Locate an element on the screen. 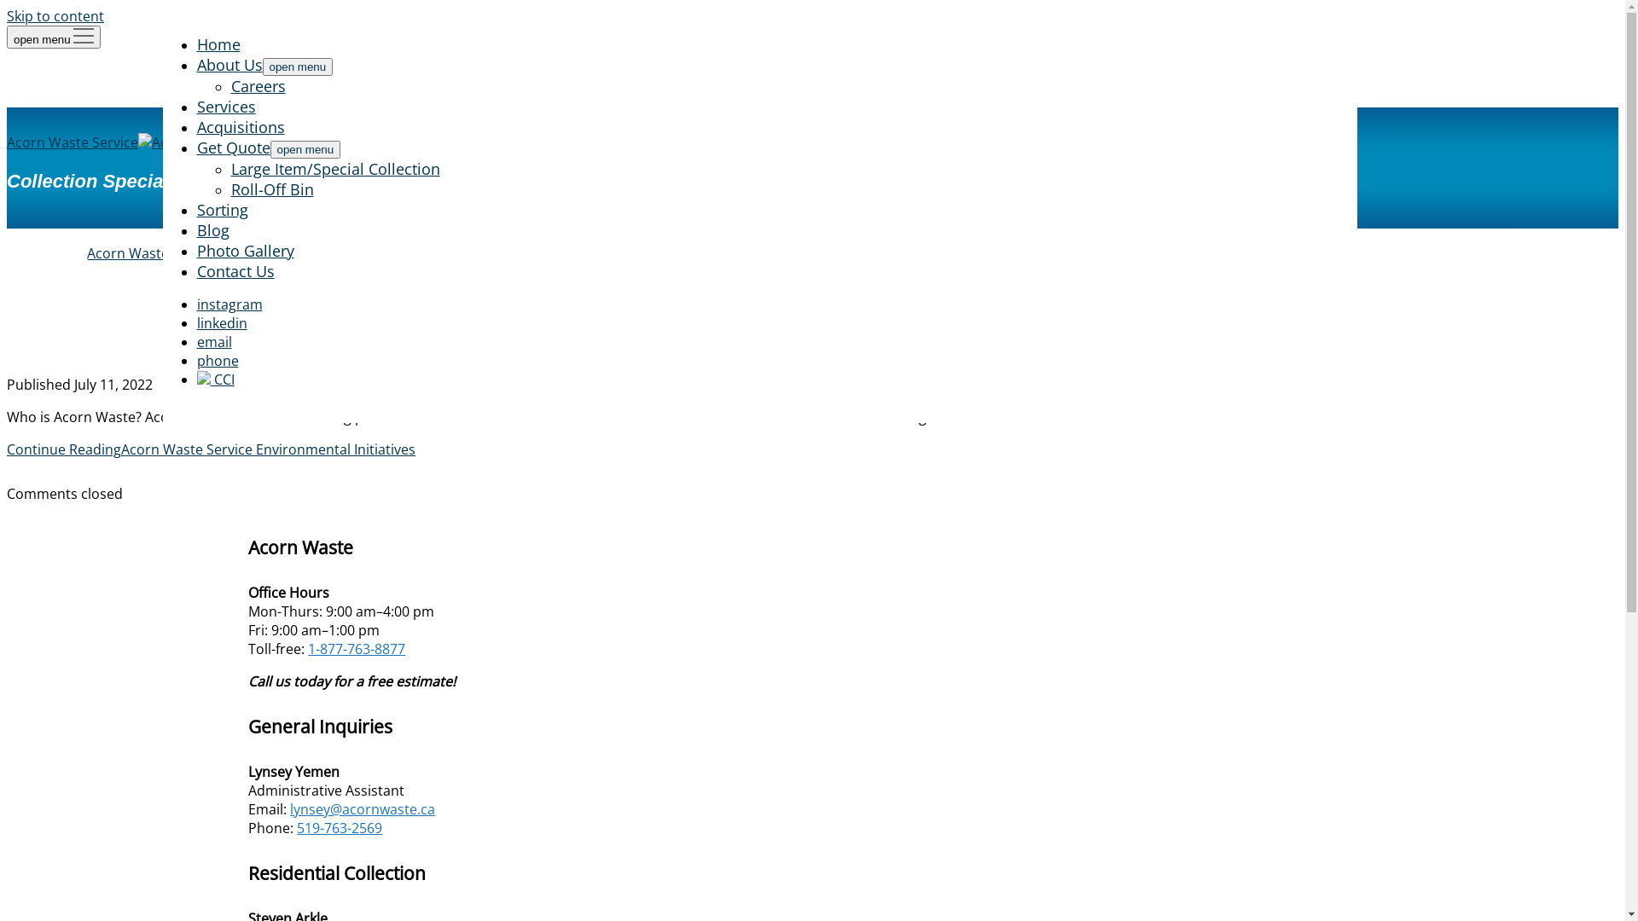 Image resolution: width=1638 pixels, height=921 pixels. 'Home' is located at coordinates (217, 43).